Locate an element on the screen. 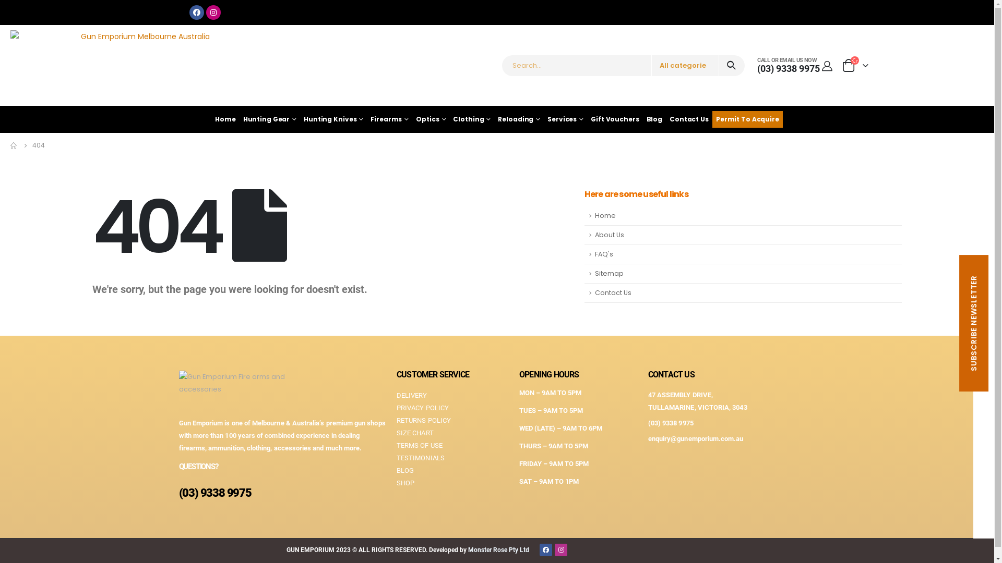  'Search' is located at coordinates (731, 66).